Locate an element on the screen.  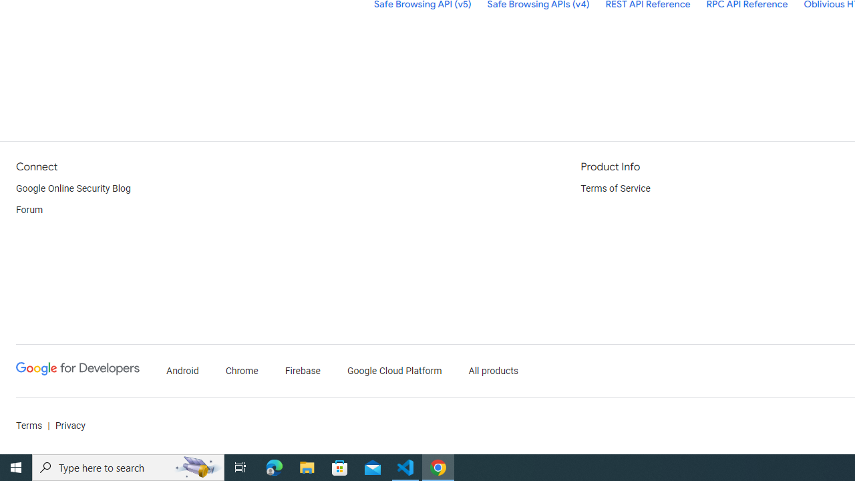
'Google Cloud Platform' is located at coordinates (393, 371).